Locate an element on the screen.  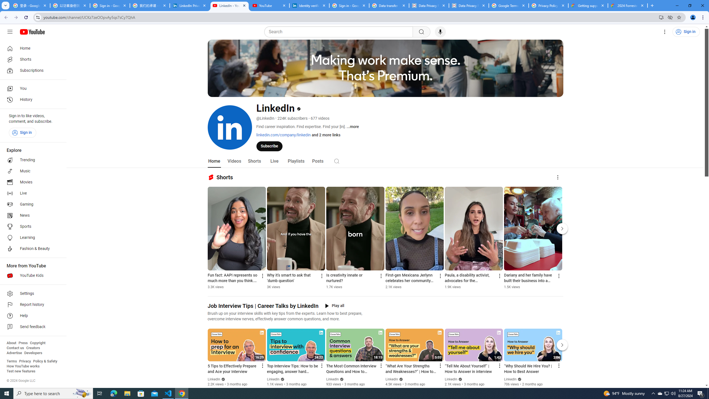
'Send feedback' is located at coordinates (31, 327).